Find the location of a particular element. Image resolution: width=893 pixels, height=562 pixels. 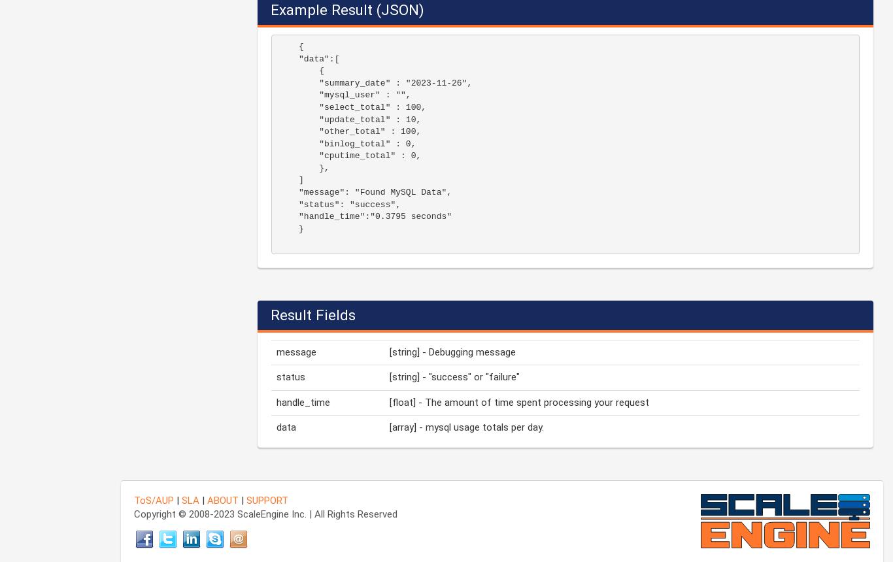

'SUPPORT' is located at coordinates (266, 499).